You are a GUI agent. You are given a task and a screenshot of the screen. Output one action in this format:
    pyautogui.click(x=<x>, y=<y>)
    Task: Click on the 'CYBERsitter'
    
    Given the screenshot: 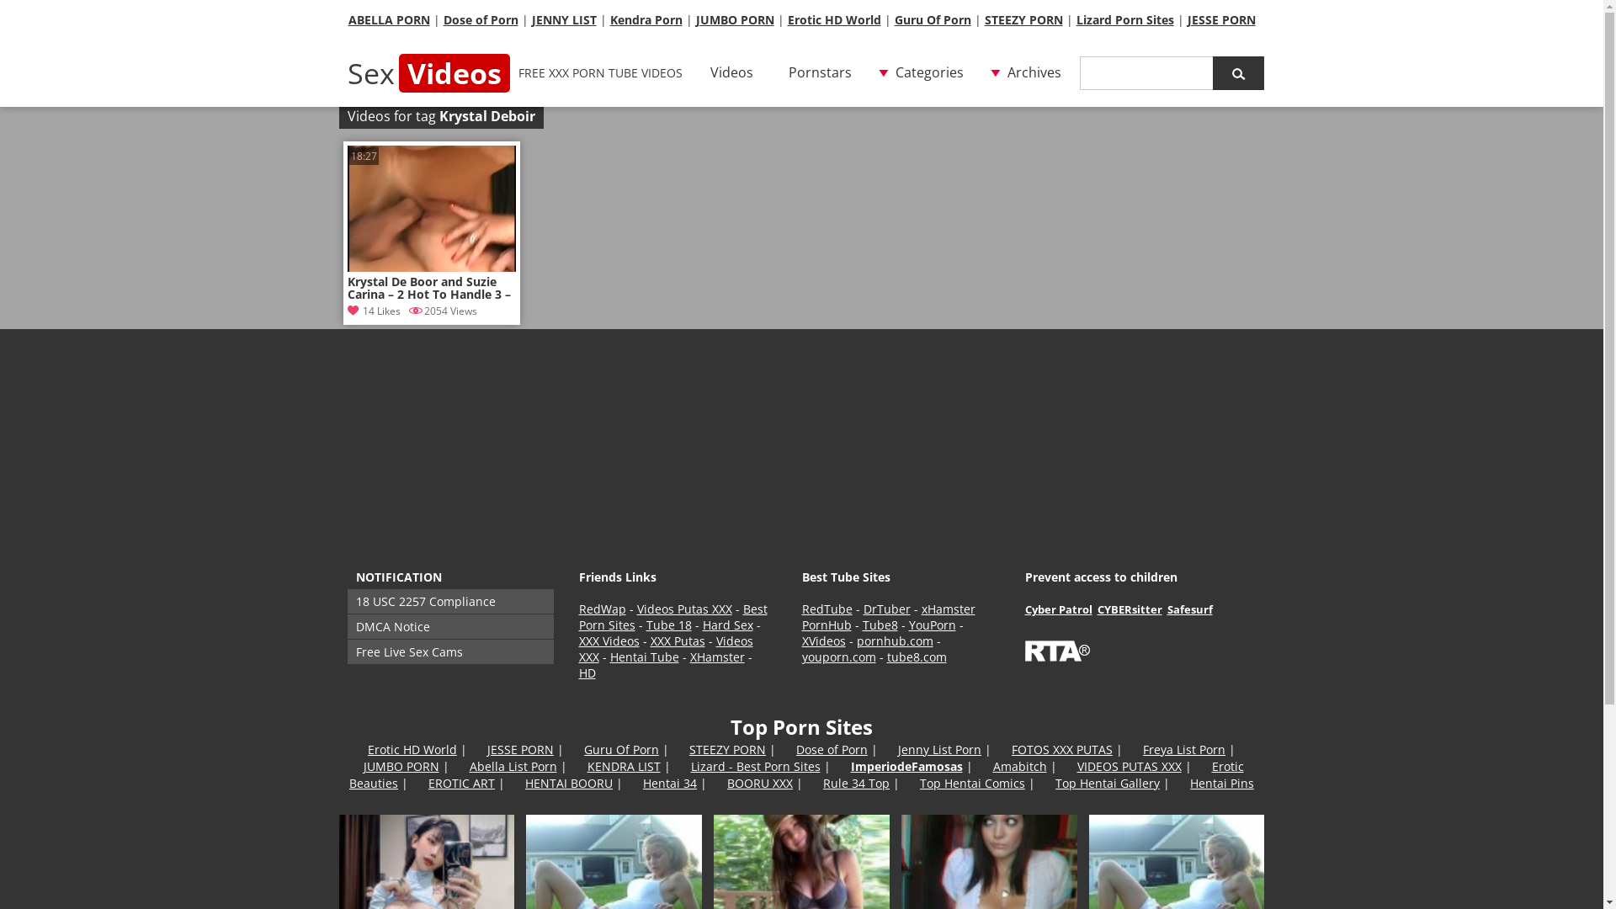 What is the action you would take?
    pyautogui.click(x=1130, y=609)
    